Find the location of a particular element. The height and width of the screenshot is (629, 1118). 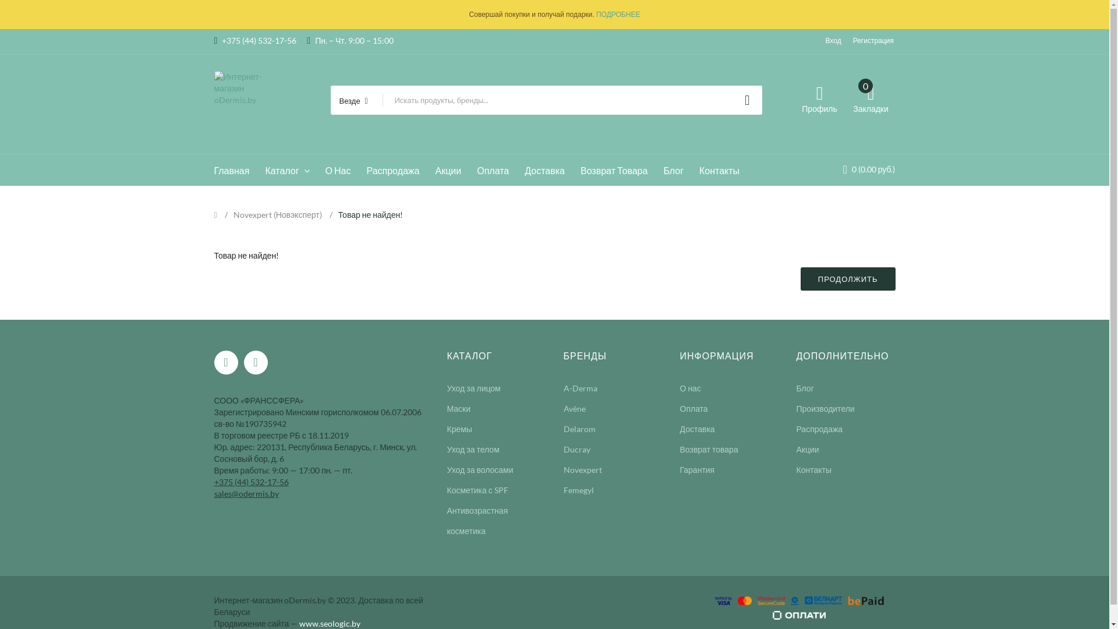

'Novexpert' is located at coordinates (583, 469).